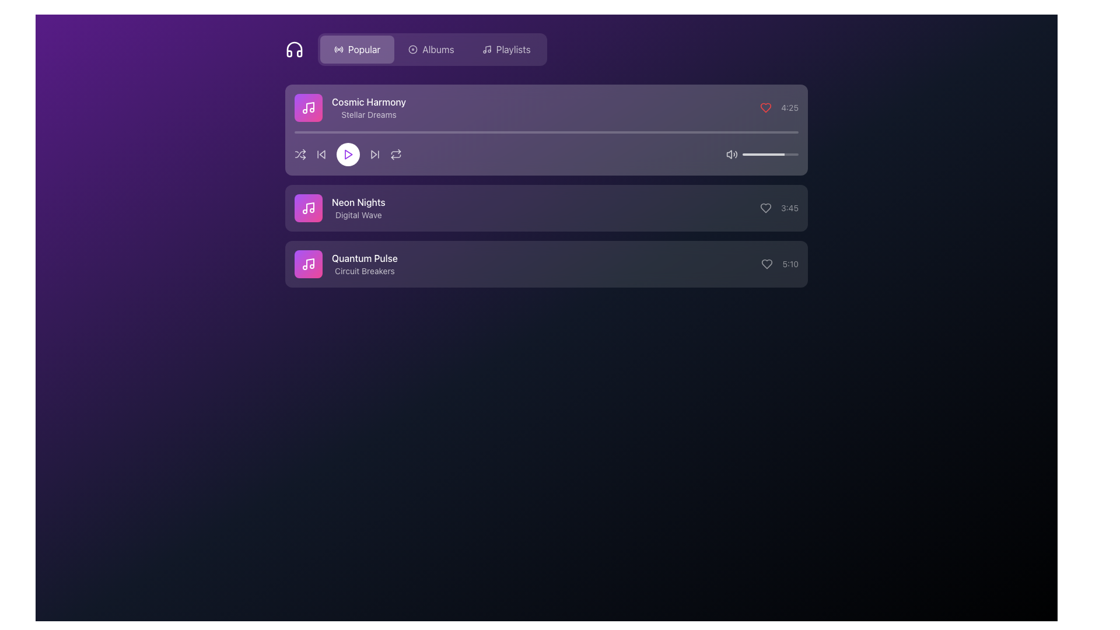 This screenshot has width=1120, height=630. Describe the element at coordinates (766, 108) in the screenshot. I see `the heart icon button in the first track item's details section` at that location.